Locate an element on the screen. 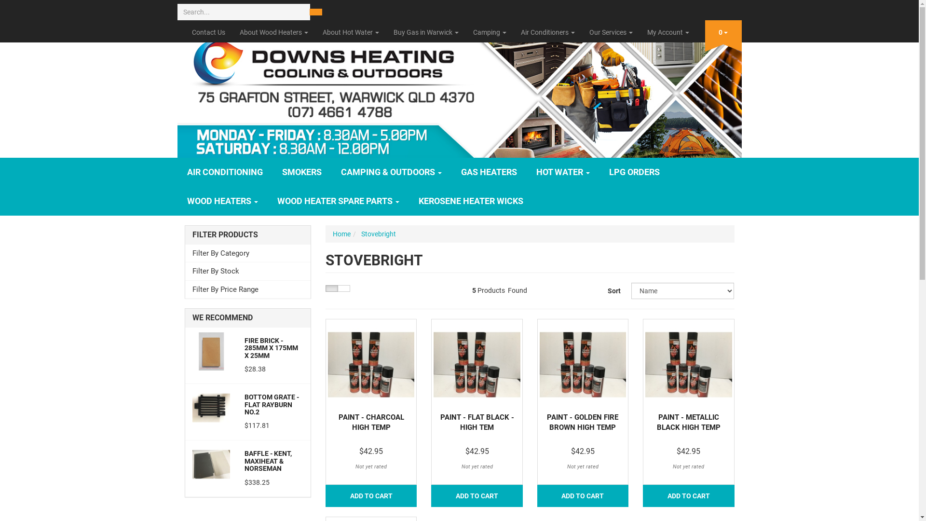 This screenshot has height=521, width=926. 'PAINT - FLAT BLACK - HIGH TEM' is located at coordinates (477, 422).